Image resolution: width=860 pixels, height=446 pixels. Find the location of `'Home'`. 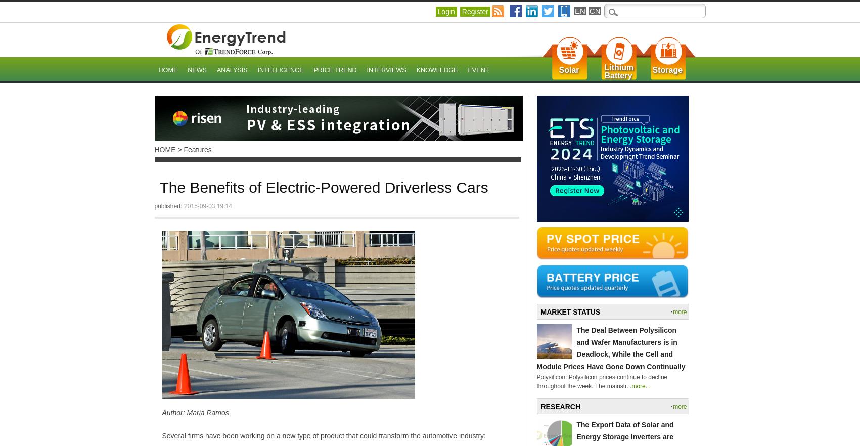

'Home' is located at coordinates (168, 70).